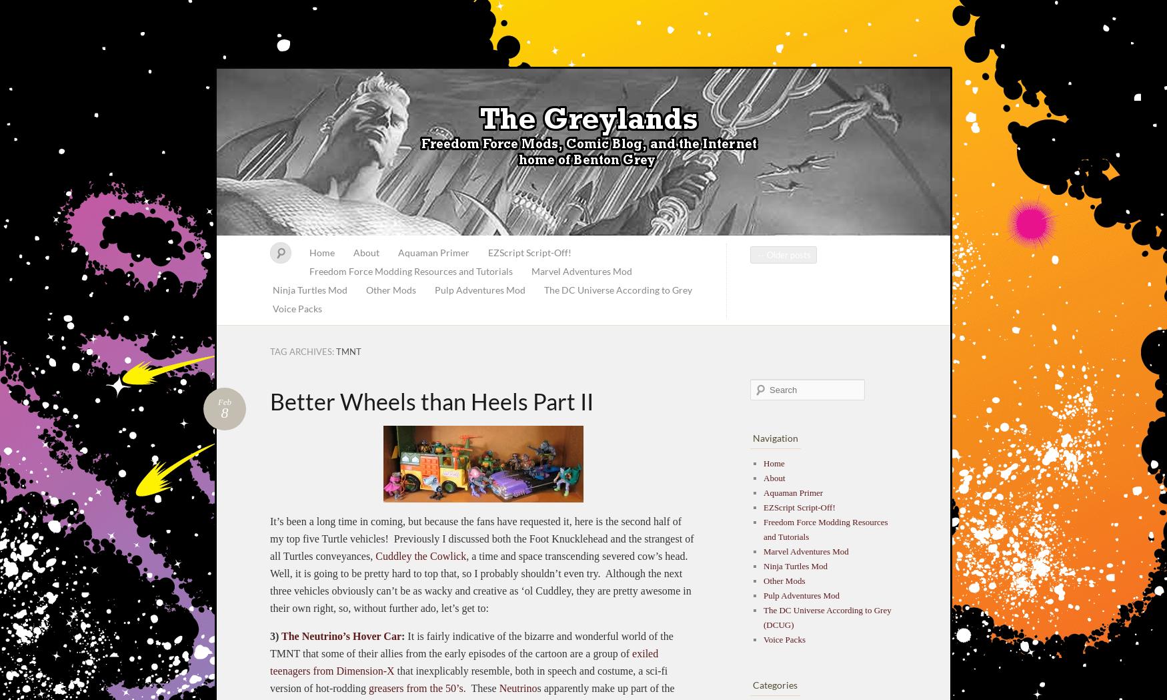 The width and height of the screenshot is (1167, 700). I want to click on 'It is fairly indicative of the bizarre and wonderful world of the TMNT that some of their allies from the early episodes of the cartoon are a group of', so click(269, 644).